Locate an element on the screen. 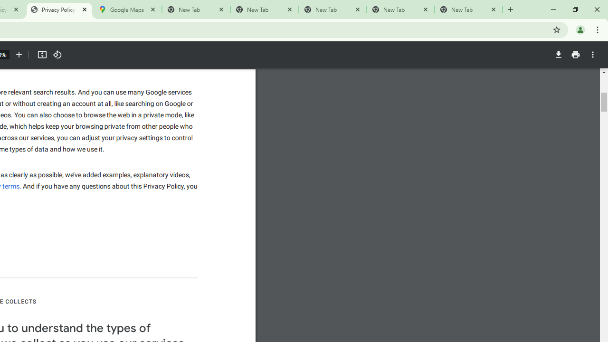 The image size is (608, 342). 'Download' is located at coordinates (558, 55).